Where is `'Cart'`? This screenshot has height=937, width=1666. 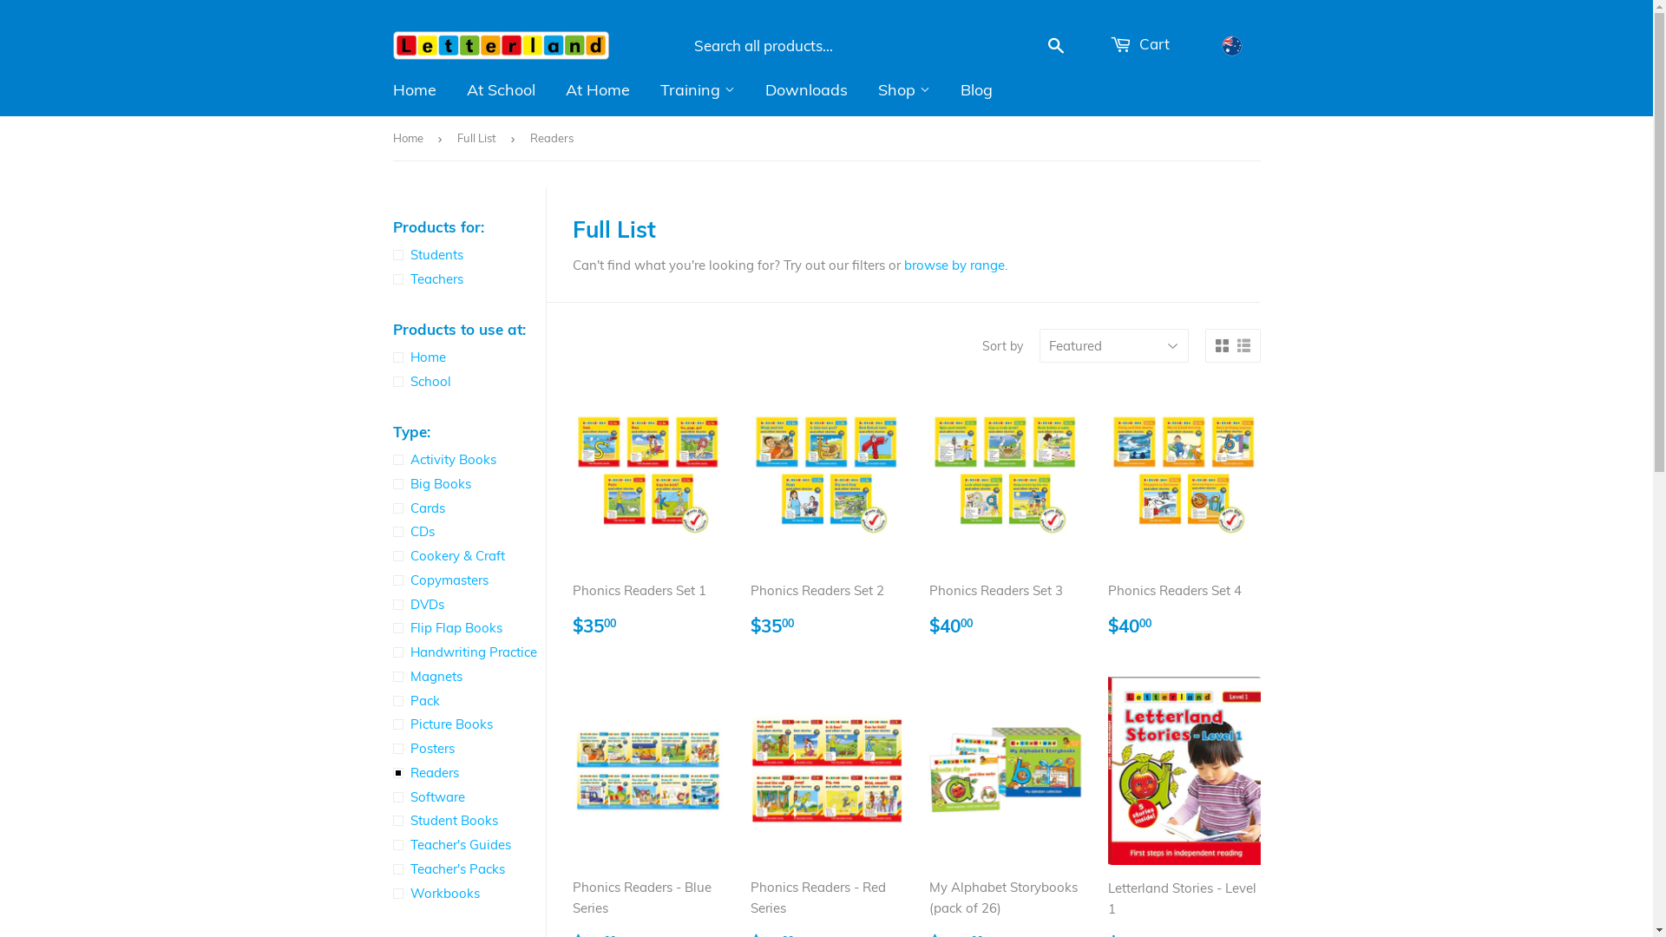
'Cart' is located at coordinates (1139, 43).